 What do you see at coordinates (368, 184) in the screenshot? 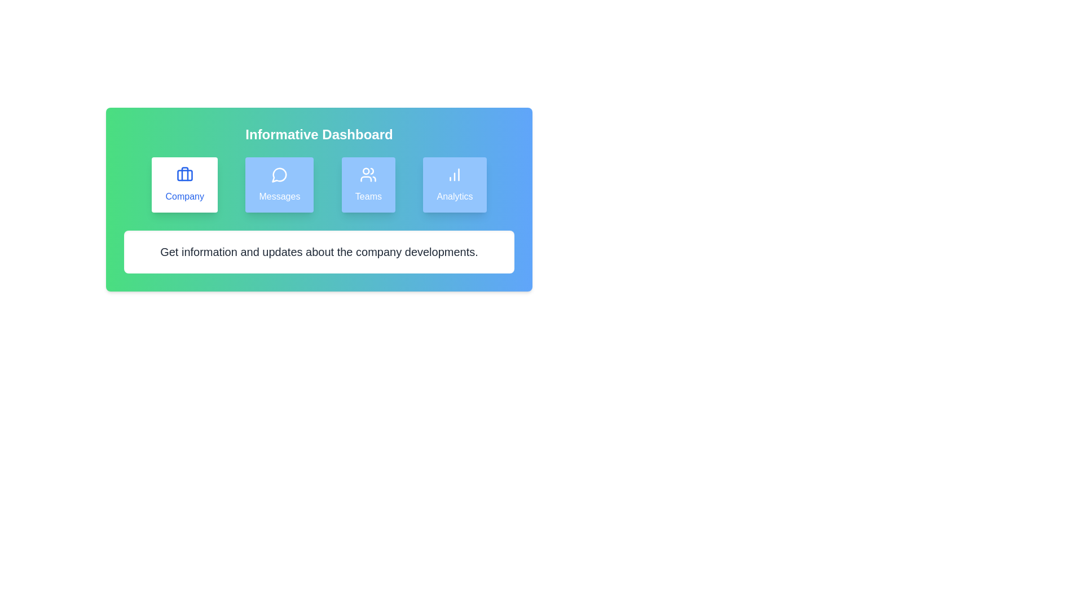
I see `the 'Teams' button, which is the third button from the left in the horizontal layout` at bounding box center [368, 184].